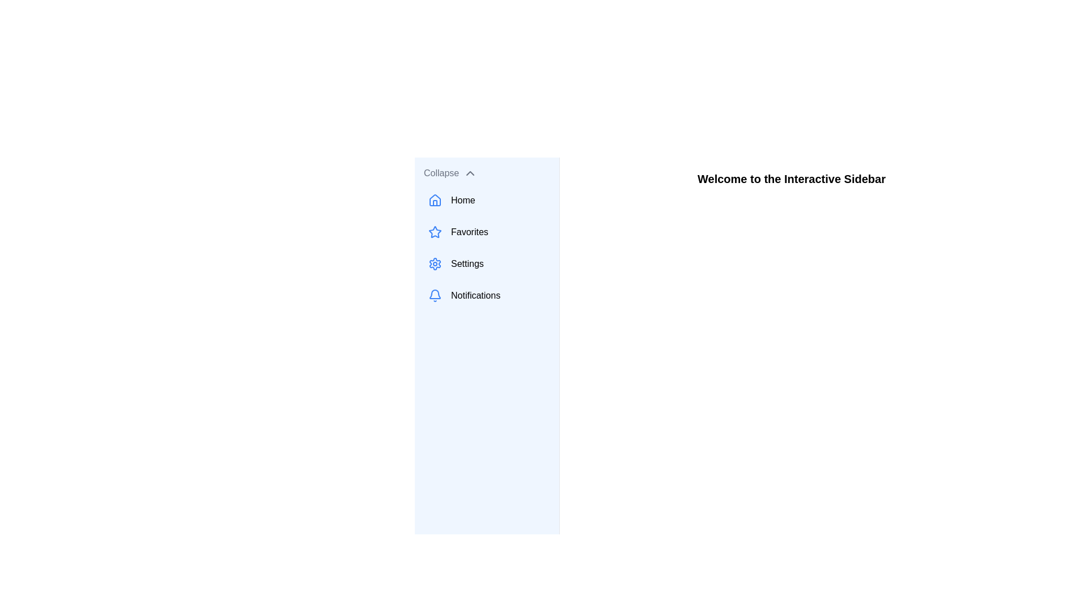  Describe the element at coordinates (463, 200) in the screenshot. I see `the 'Home' text label in the vertical navigation menu` at that location.